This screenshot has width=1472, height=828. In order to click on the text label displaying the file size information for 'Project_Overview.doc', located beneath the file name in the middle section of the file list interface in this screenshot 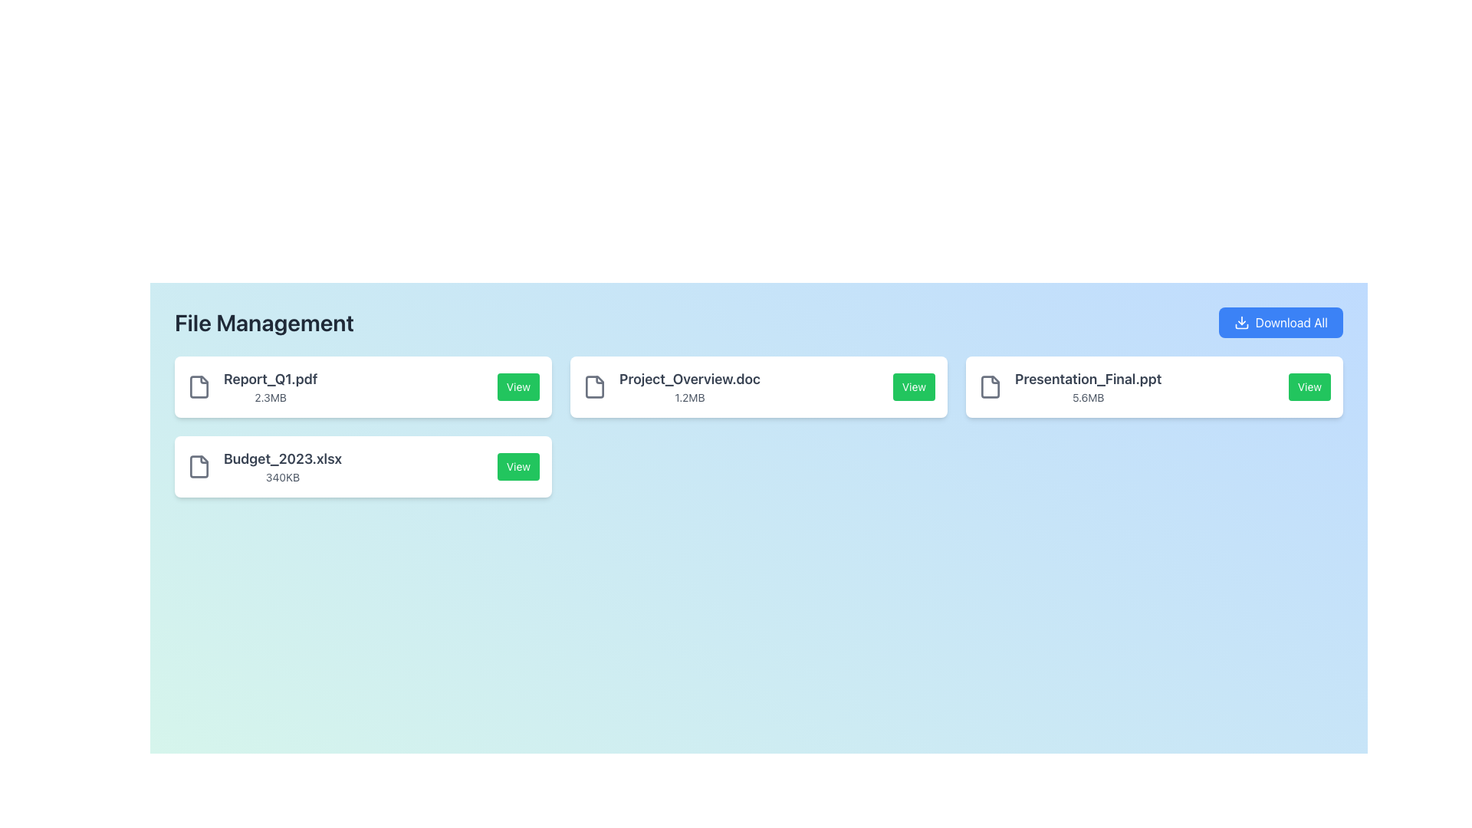, I will do `click(688, 397)`.